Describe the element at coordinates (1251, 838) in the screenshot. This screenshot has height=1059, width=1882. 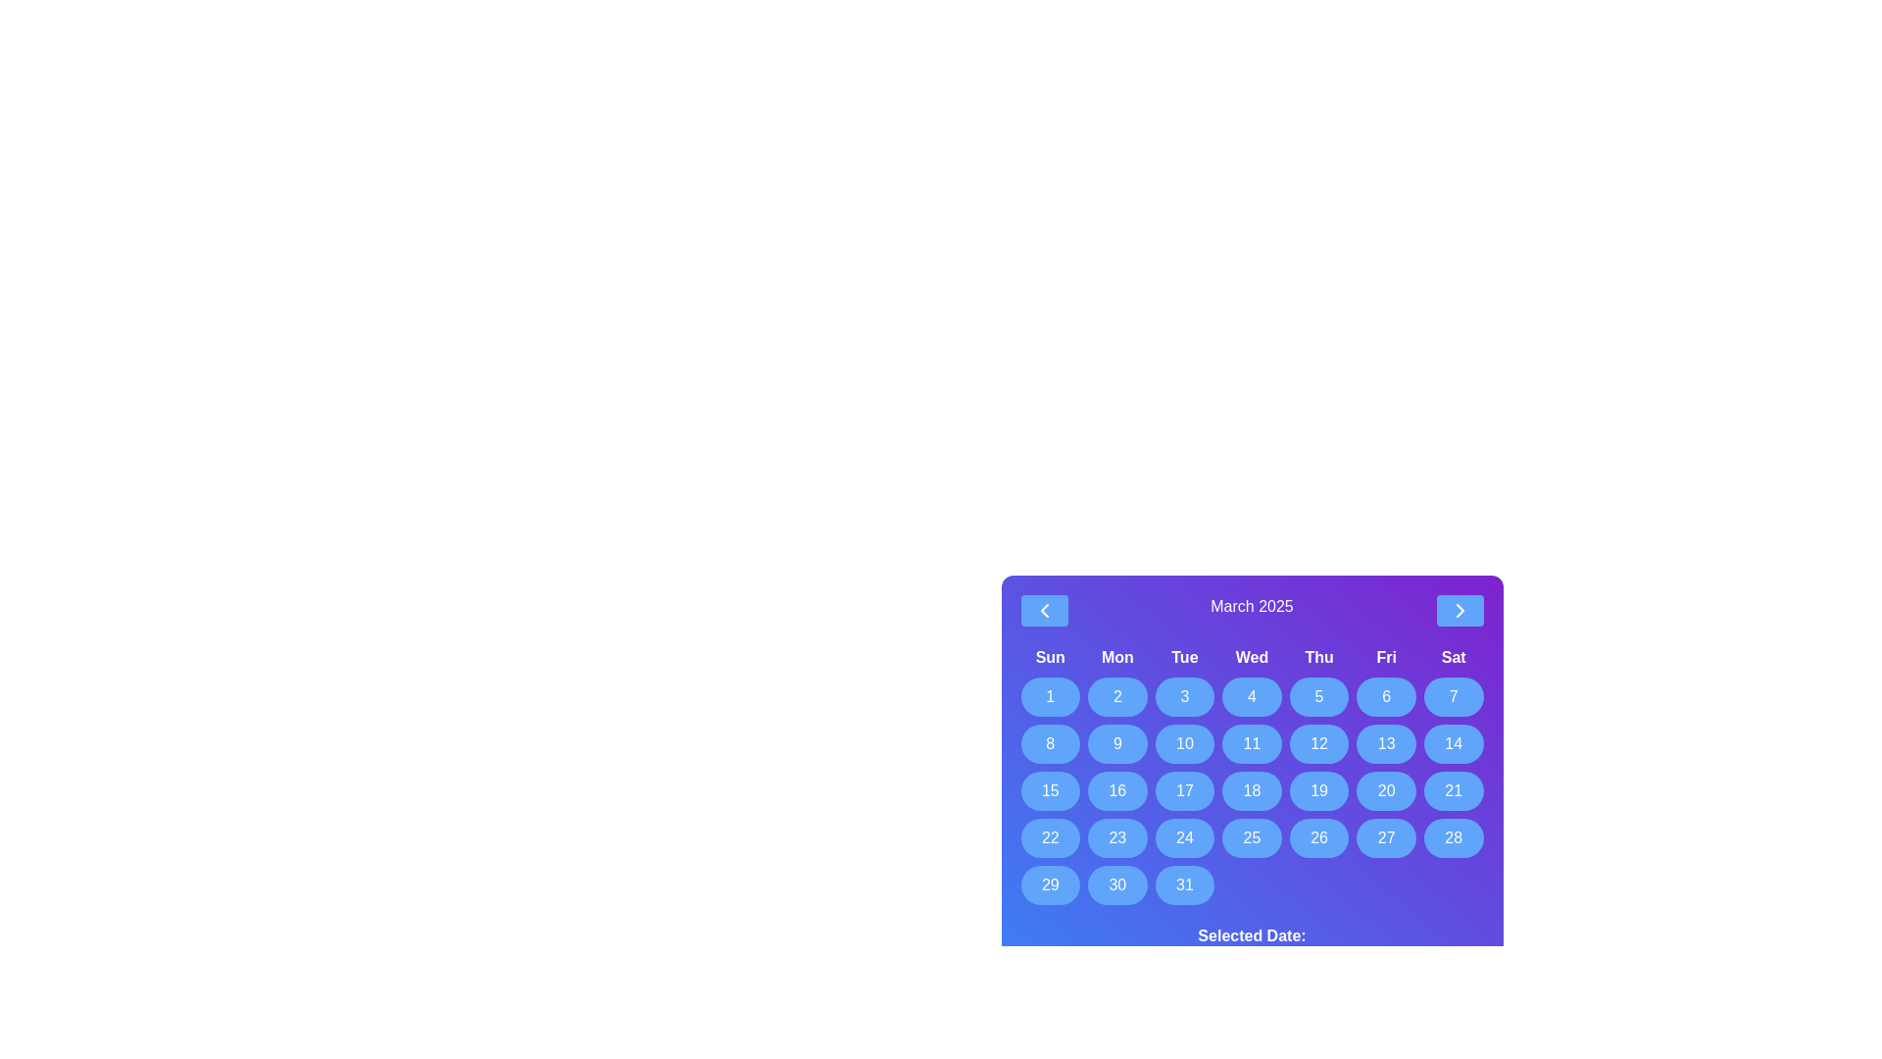
I see `the circular button labeled '25' in the March 2025 calendar grid` at that location.